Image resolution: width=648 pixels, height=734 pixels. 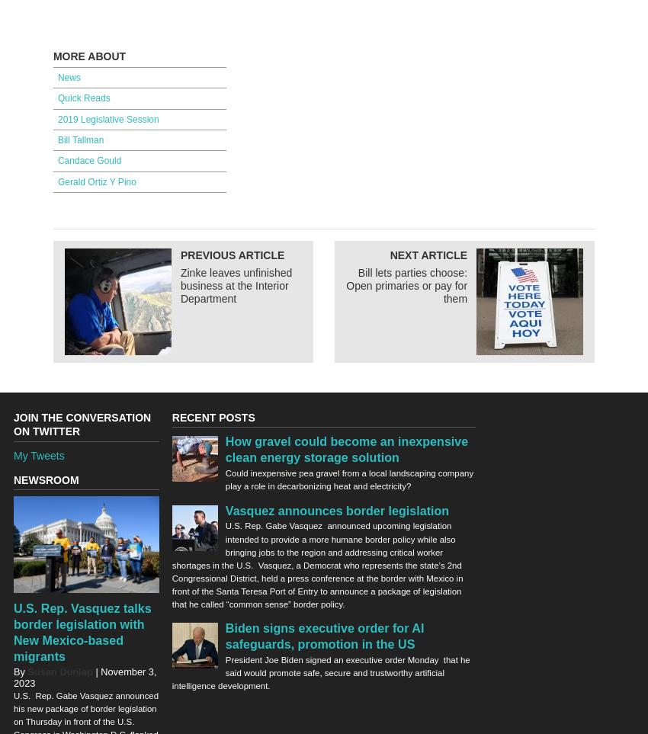 I want to click on '2019 Legislative Session', so click(x=56, y=119).